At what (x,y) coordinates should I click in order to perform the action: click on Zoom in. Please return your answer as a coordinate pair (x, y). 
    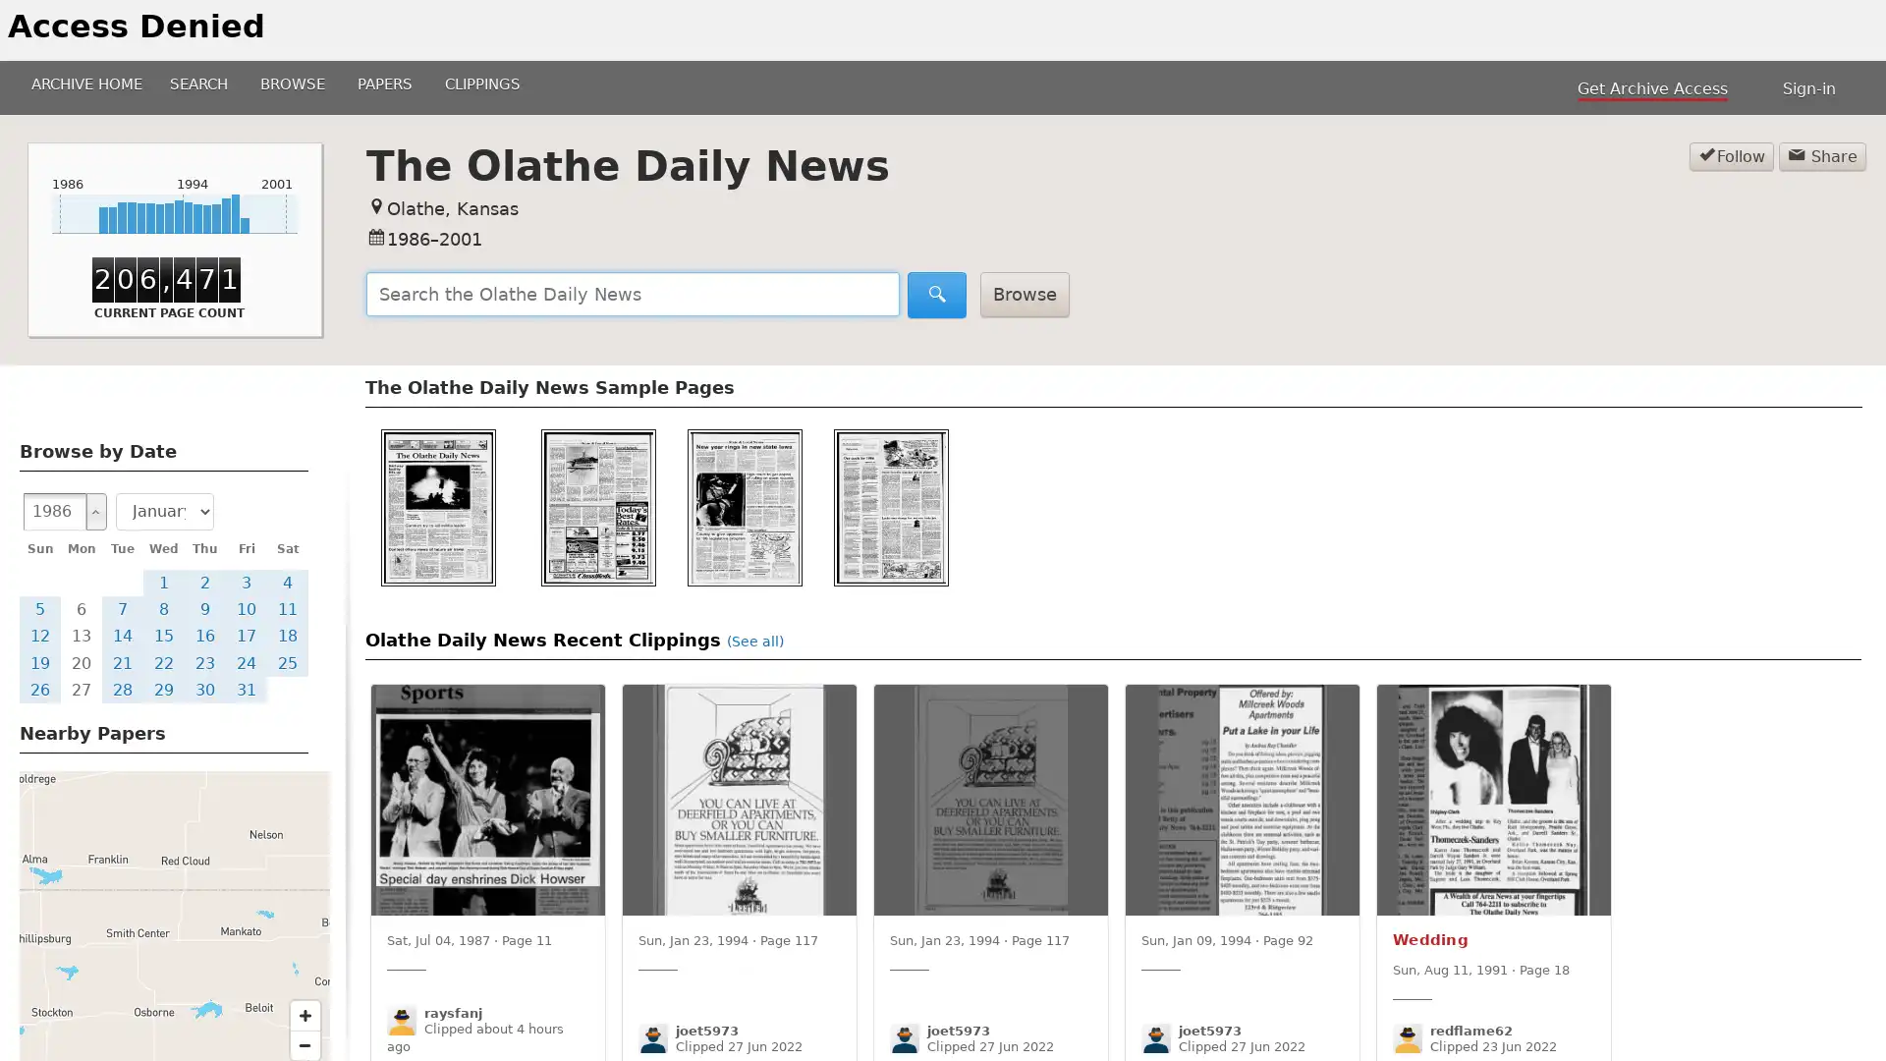
    Looking at the image, I should click on (305, 1015).